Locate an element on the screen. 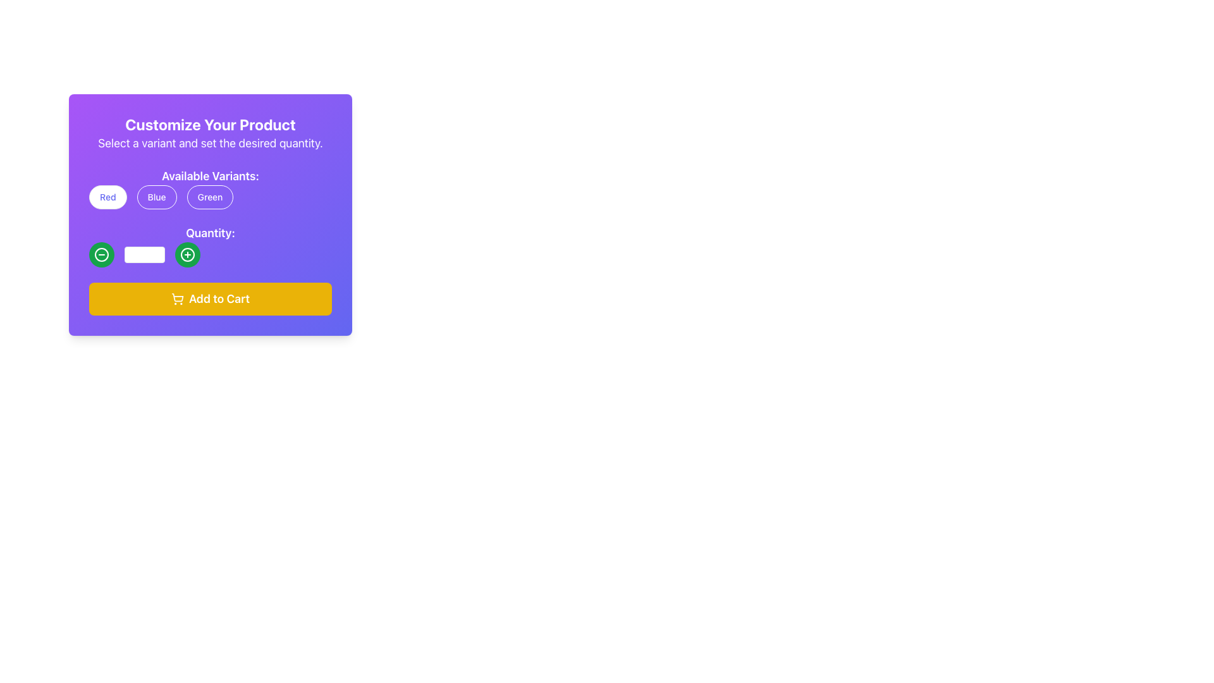 This screenshot has width=1214, height=683. the yellow rectangular button with rounded corners labeled 'Add to Cart' is located at coordinates (210, 299).